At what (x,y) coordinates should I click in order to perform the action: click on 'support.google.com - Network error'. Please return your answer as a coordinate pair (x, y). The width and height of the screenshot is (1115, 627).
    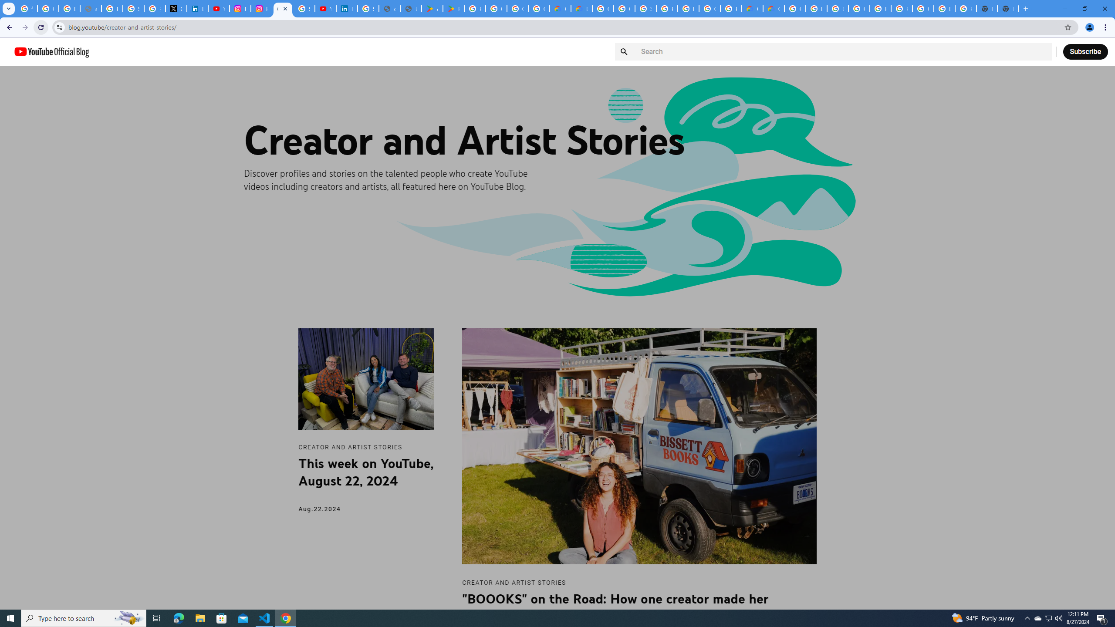
    Looking at the image, I should click on (90, 8).